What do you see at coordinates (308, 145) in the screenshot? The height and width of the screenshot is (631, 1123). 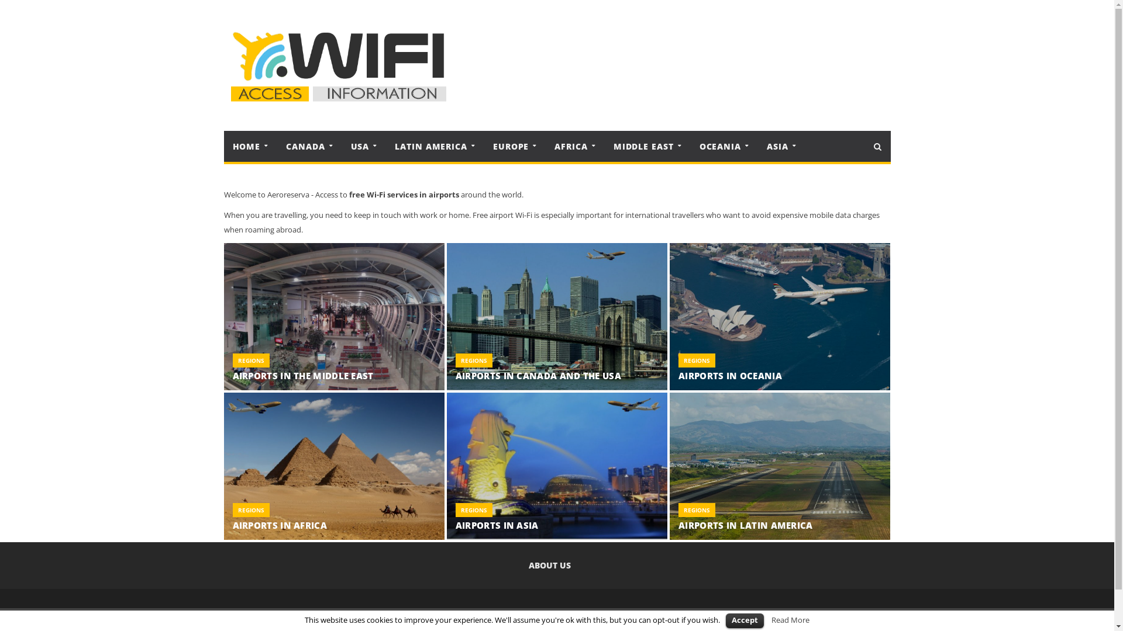 I see `'CANADA'` at bounding box center [308, 145].